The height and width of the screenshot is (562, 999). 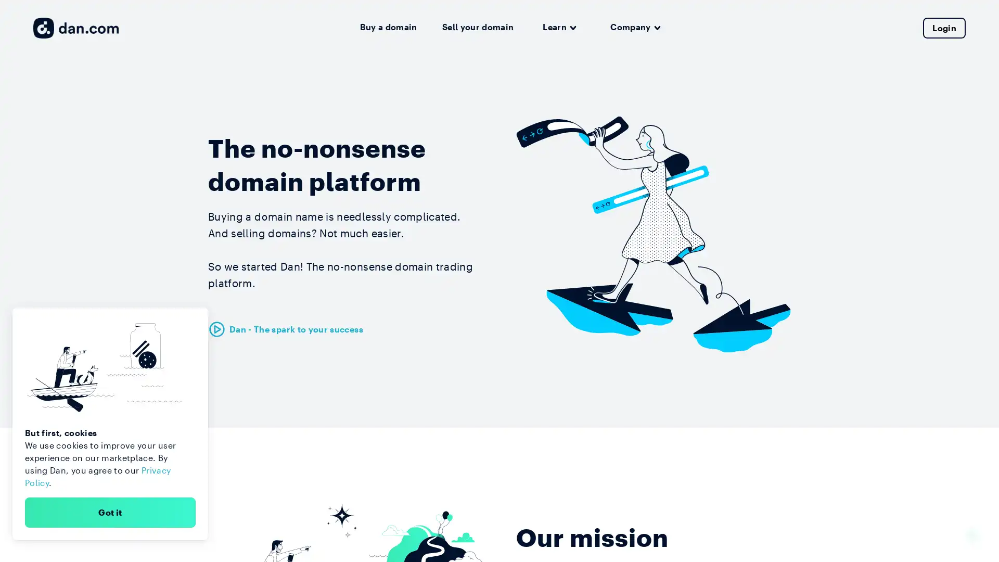 I want to click on Got it, so click(x=110, y=512).